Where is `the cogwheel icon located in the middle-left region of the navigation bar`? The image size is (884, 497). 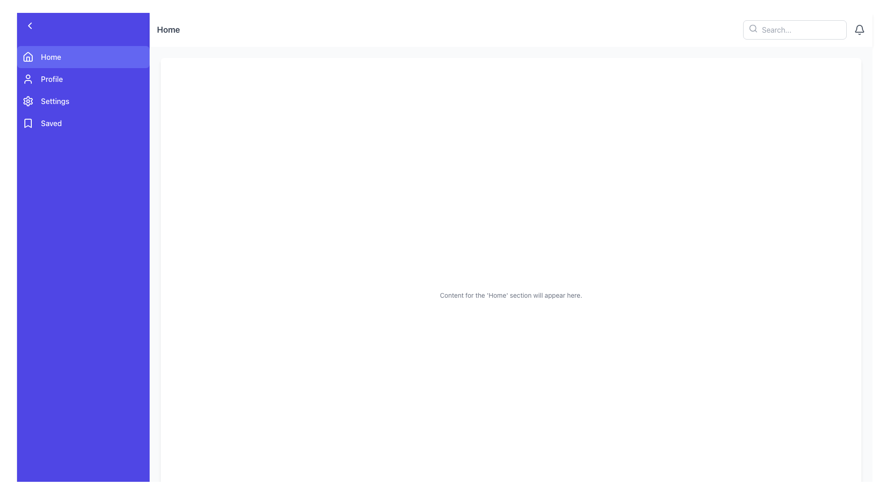
the cogwheel icon located in the middle-left region of the navigation bar is located at coordinates (28, 101).